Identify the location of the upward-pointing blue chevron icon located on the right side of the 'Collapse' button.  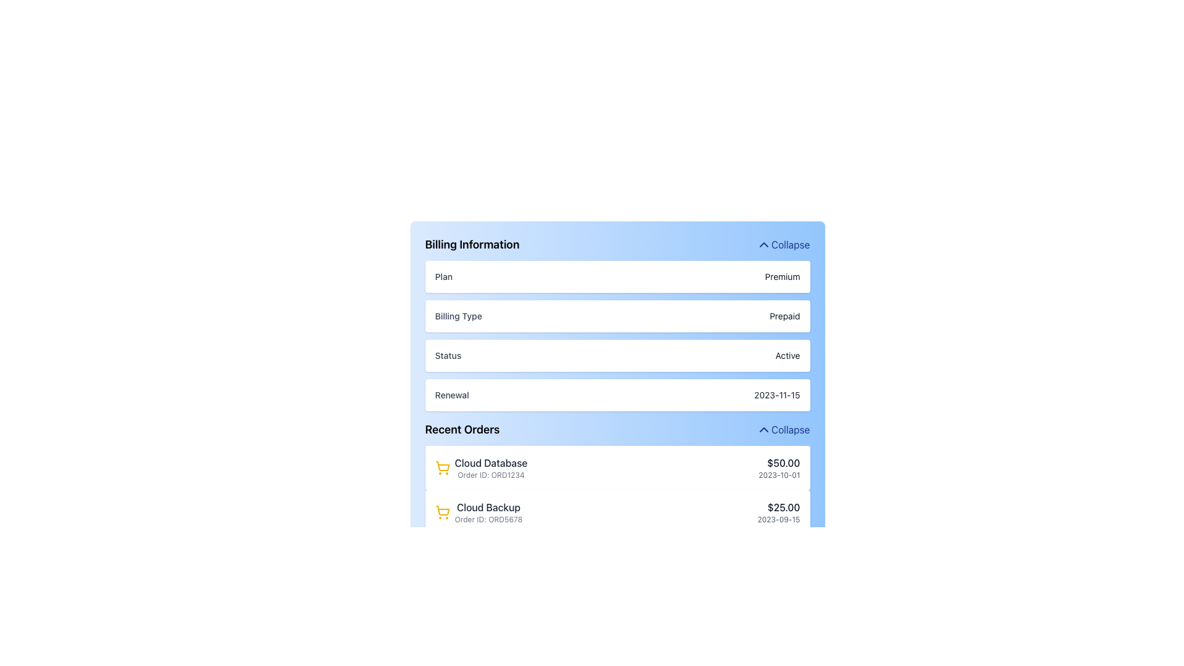
(763, 245).